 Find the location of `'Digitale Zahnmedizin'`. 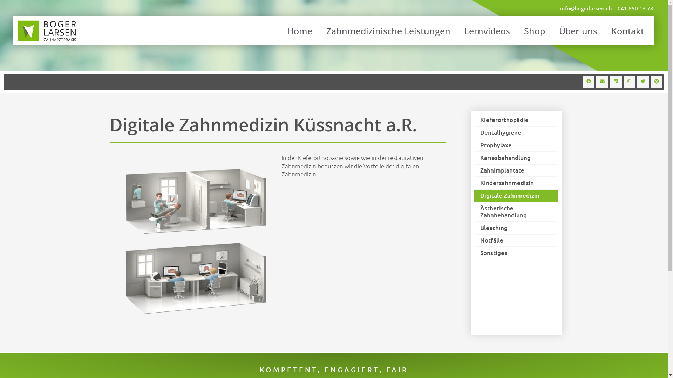

'Digitale Zahnmedizin' is located at coordinates (516, 196).